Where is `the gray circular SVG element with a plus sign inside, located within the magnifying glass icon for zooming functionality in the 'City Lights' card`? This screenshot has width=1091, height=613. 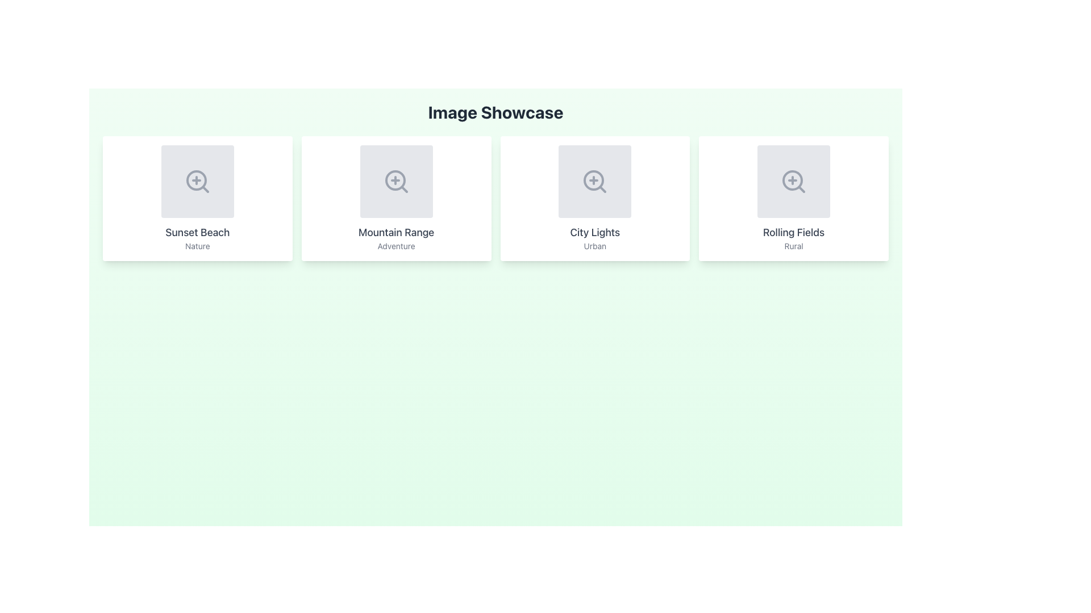
the gray circular SVG element with a plus sign inside, located within the magnifying glass icon for zooming functionality in the 'City Lights' card is located at coordinates (593, 179).